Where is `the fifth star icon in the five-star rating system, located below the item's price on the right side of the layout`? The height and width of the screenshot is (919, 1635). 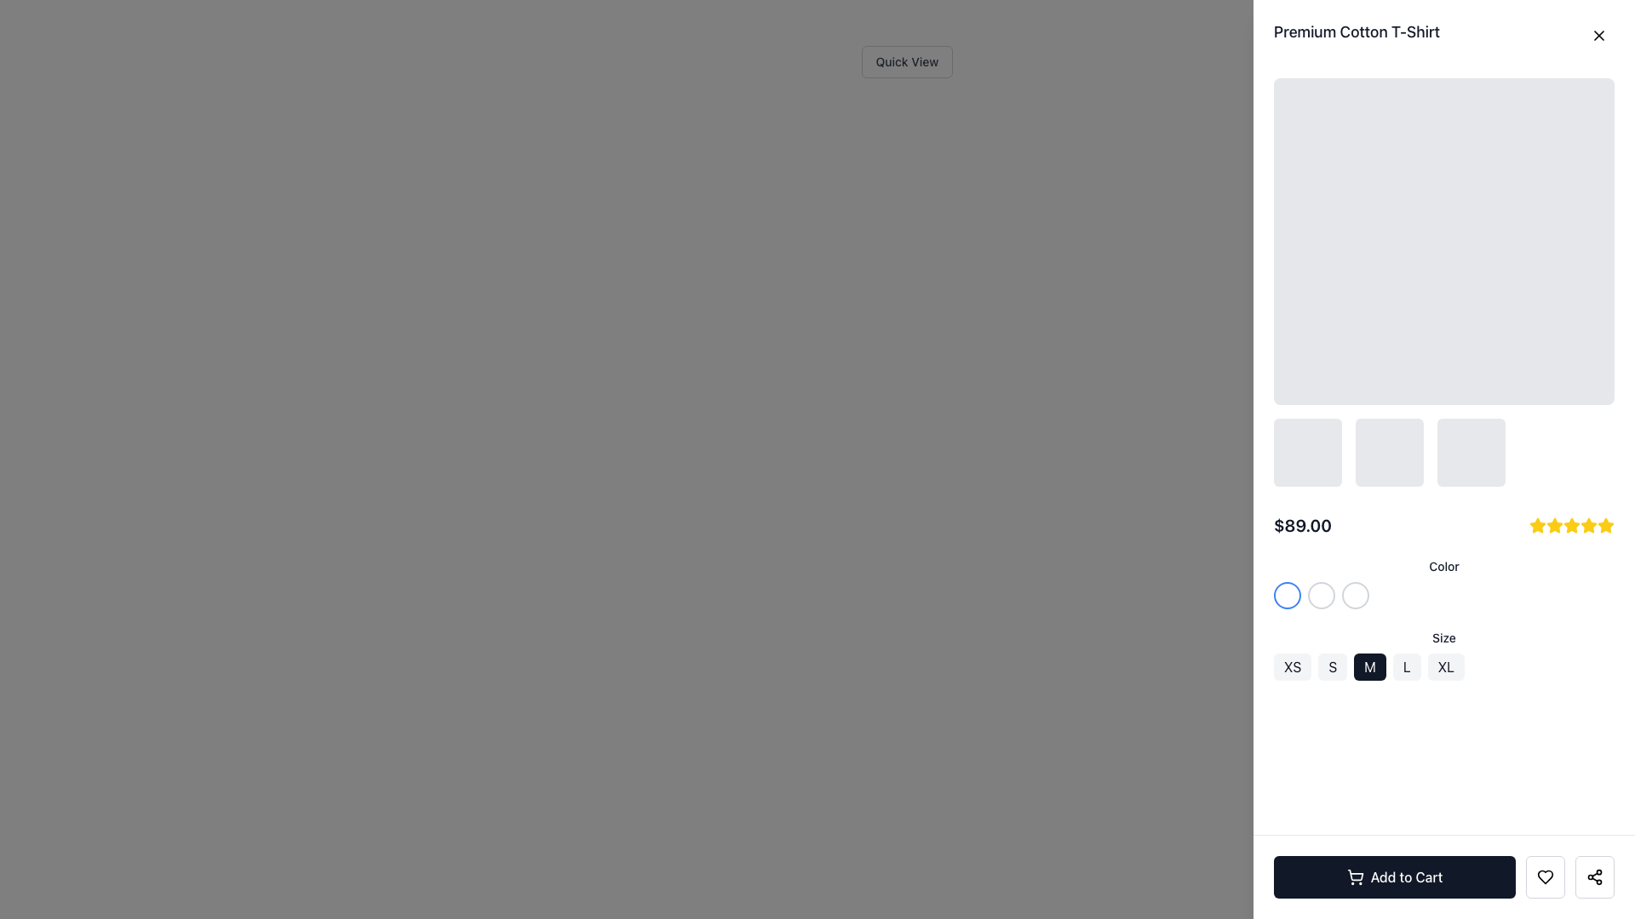
the fifth star icon in the five-star rating system, located below the item's price on the right side of the layout is located at coordinates (1605, 524).